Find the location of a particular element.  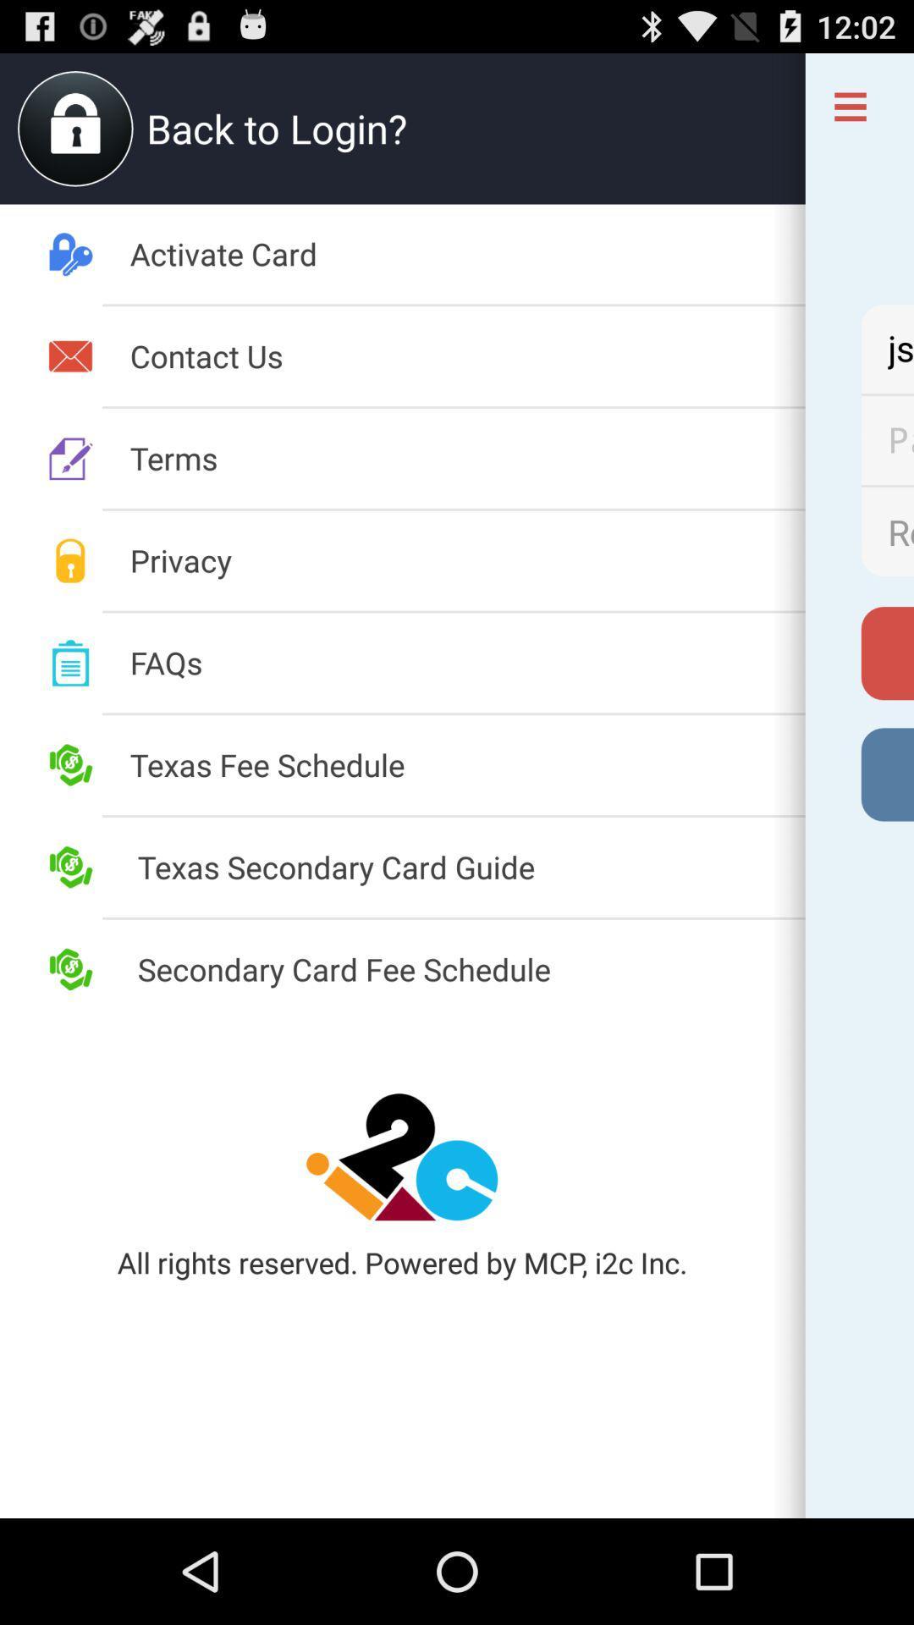

the lock icon is located at coordinates (74, 138).